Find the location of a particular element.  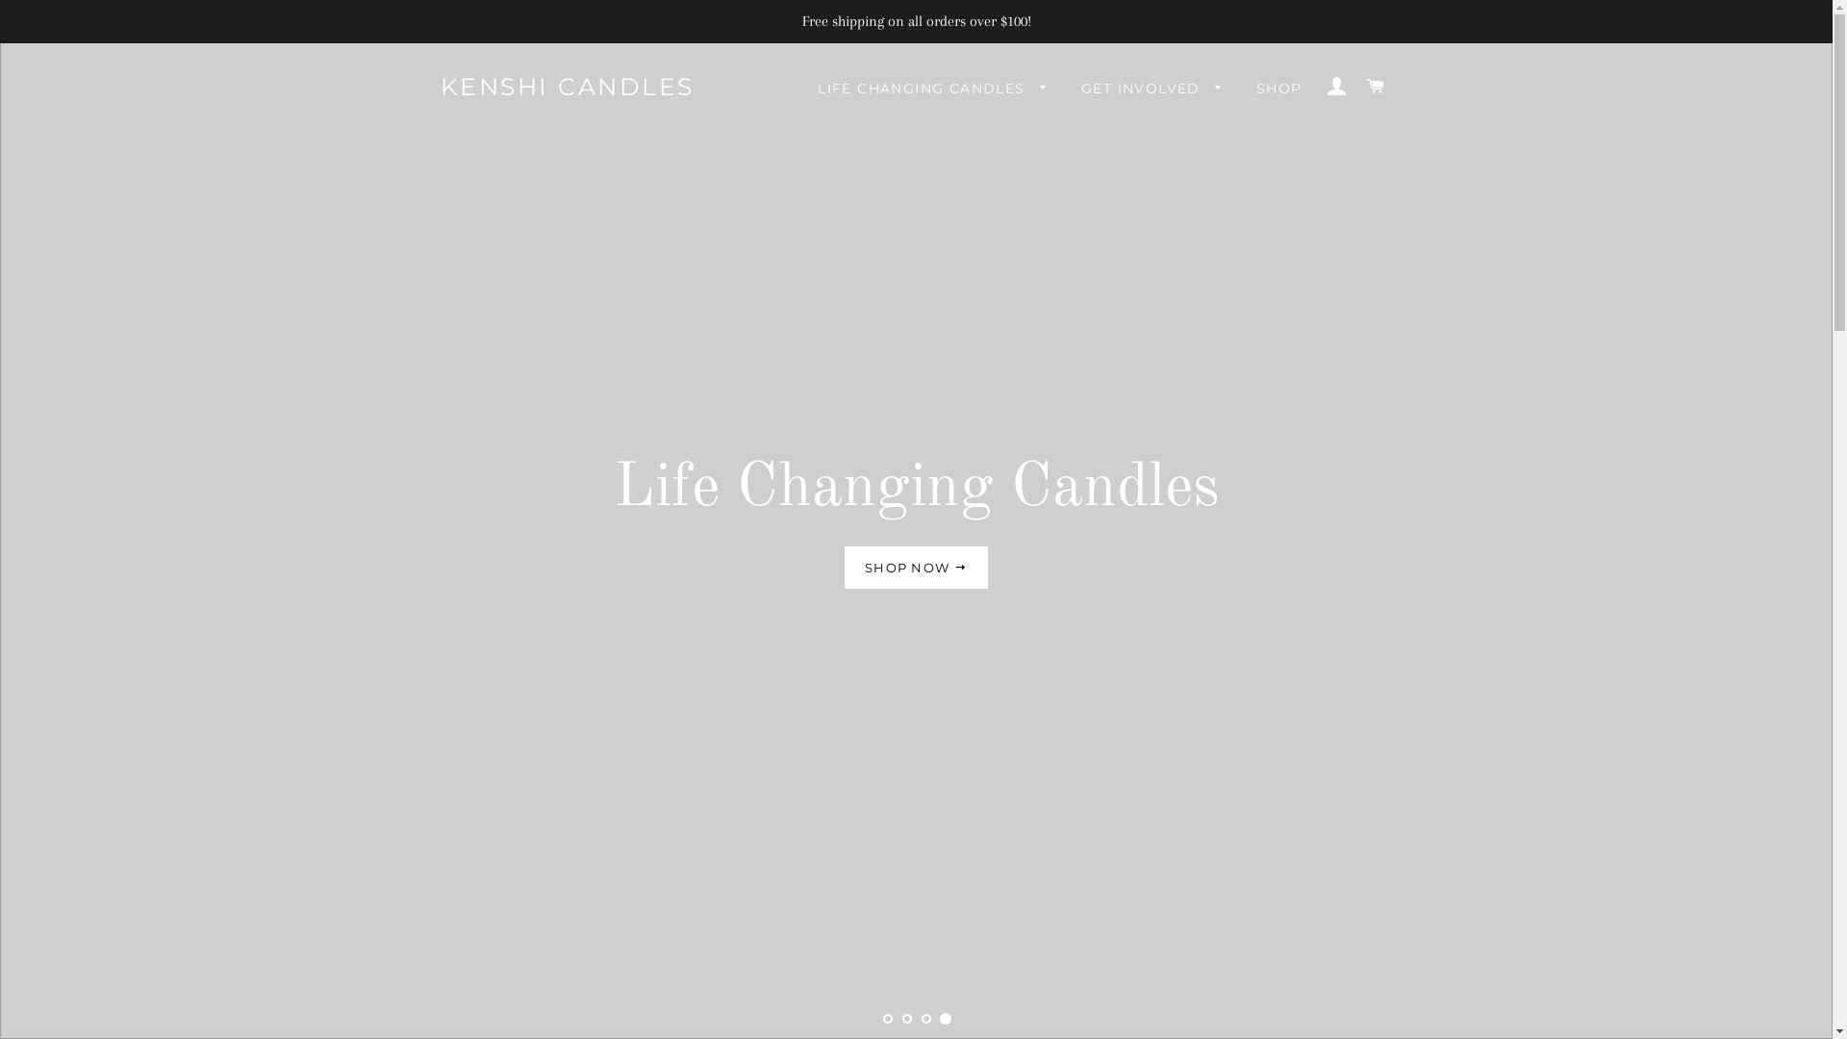

'GET INVOLVED' is located at coordinates (1152, 89).